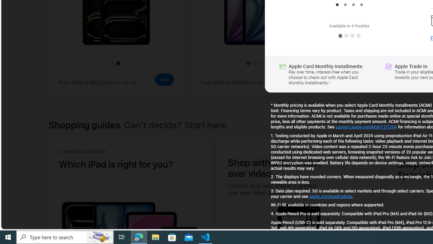 Image resolution: width=433 pixels, height=244 pixels. I want to click on 'Item 4', so click(361, 5).